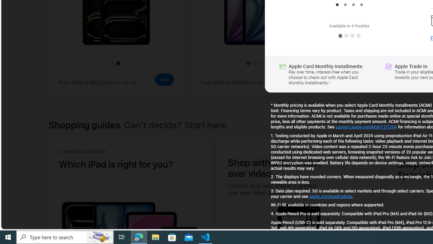 Image resolution: width=433 pixels, height=244 pixels. I want to click on 'Item 4', so click(361, 5).